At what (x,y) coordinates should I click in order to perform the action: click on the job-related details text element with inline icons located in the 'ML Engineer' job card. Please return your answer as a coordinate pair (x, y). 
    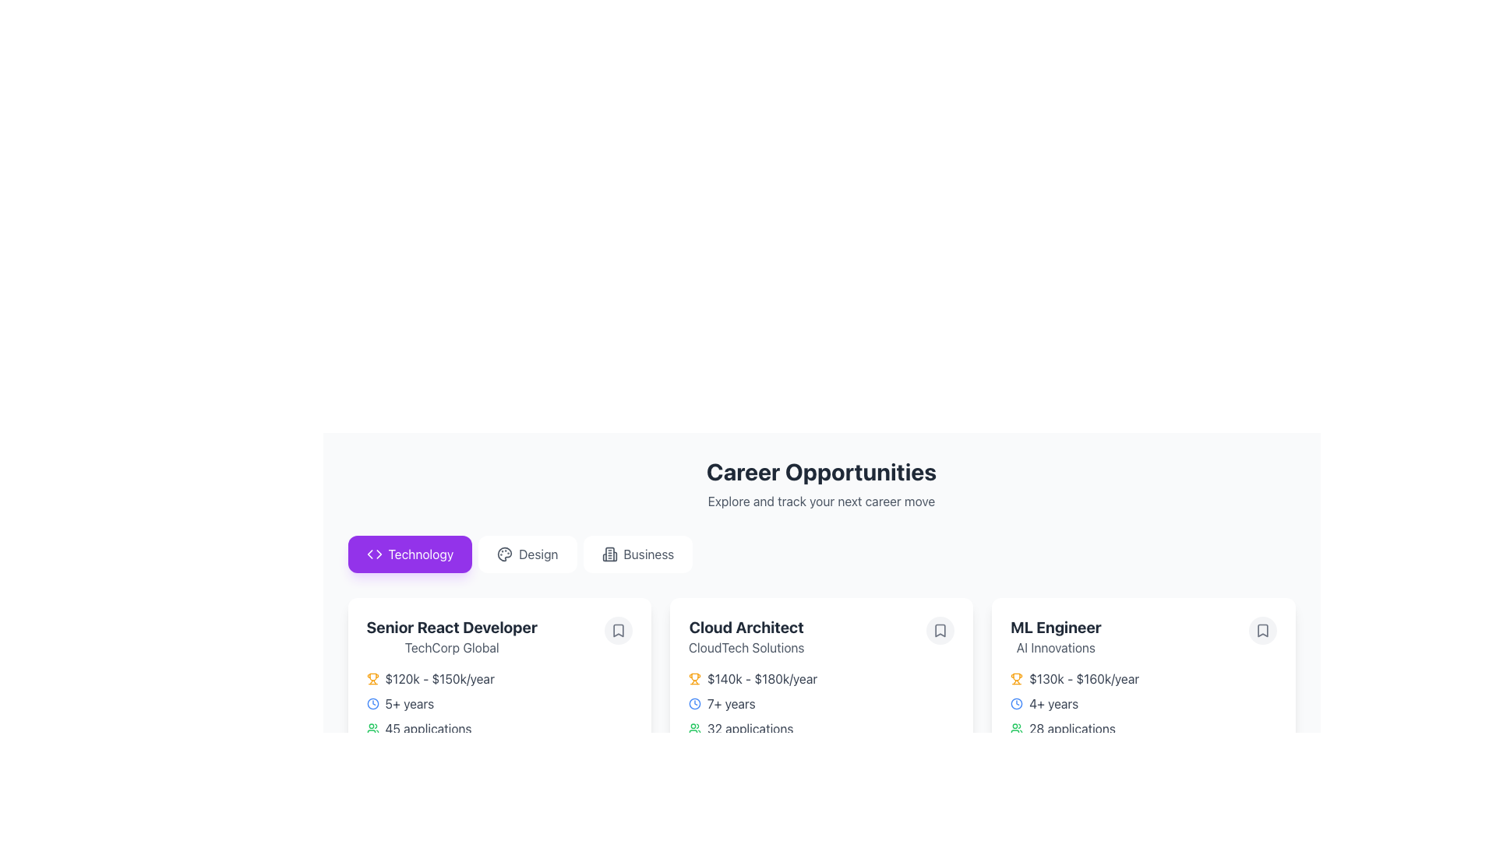
    Looking at the image, I should click on (1143, 703).